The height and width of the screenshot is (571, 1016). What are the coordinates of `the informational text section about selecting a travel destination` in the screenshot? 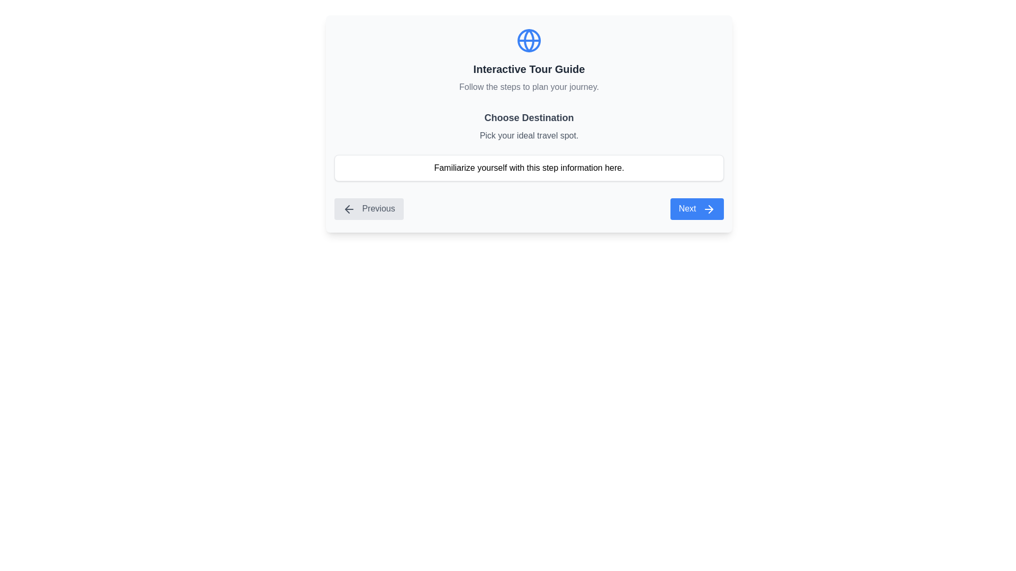 It's located at (529, 146).